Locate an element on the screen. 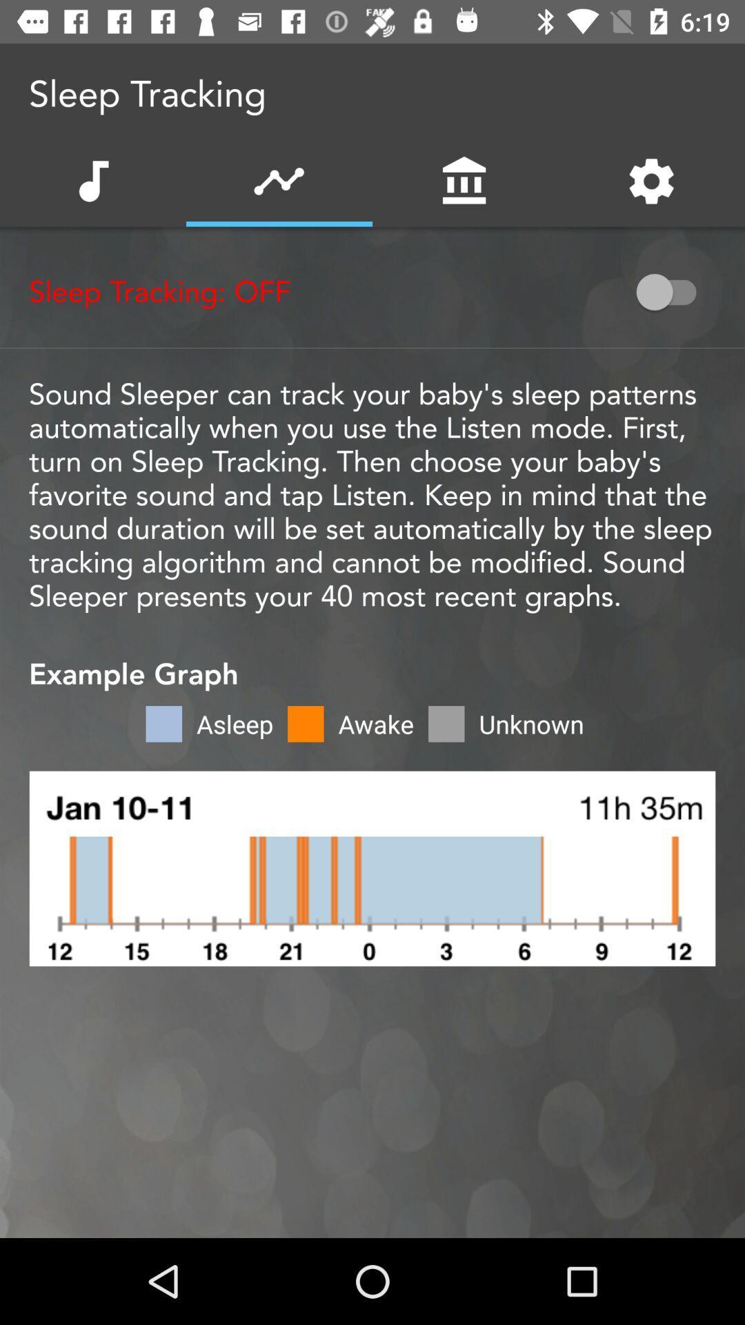 This screenshot has width=745, height=1325. the check boxl eft to awake is located at coordinates (305, 723).